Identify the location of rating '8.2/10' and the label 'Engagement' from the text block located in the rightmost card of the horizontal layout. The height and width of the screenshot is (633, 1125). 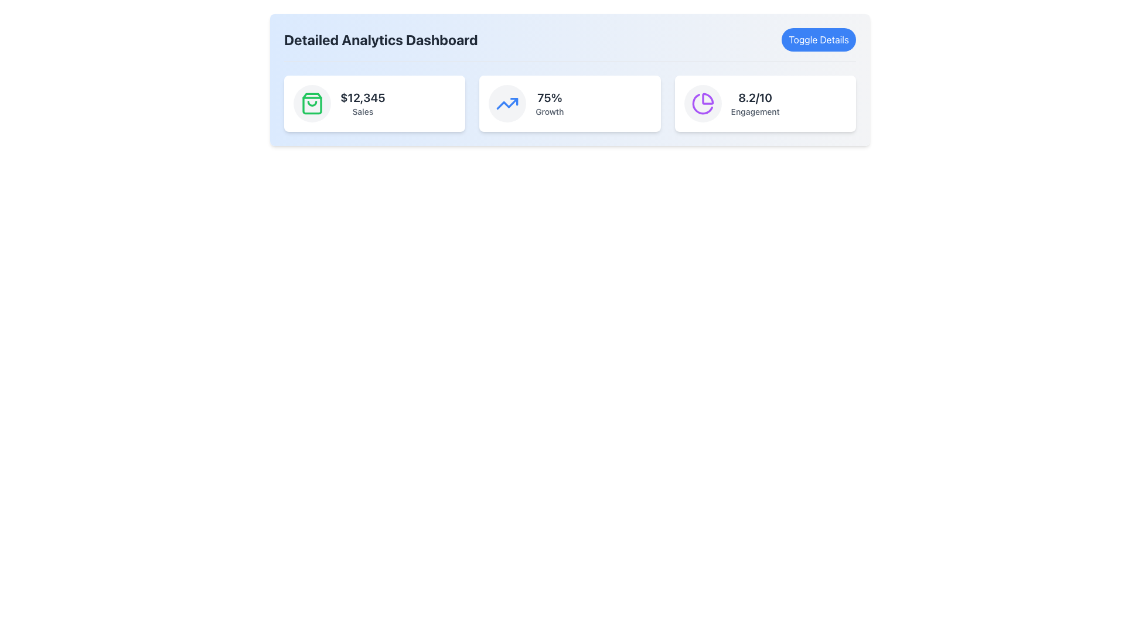
(755, 103).